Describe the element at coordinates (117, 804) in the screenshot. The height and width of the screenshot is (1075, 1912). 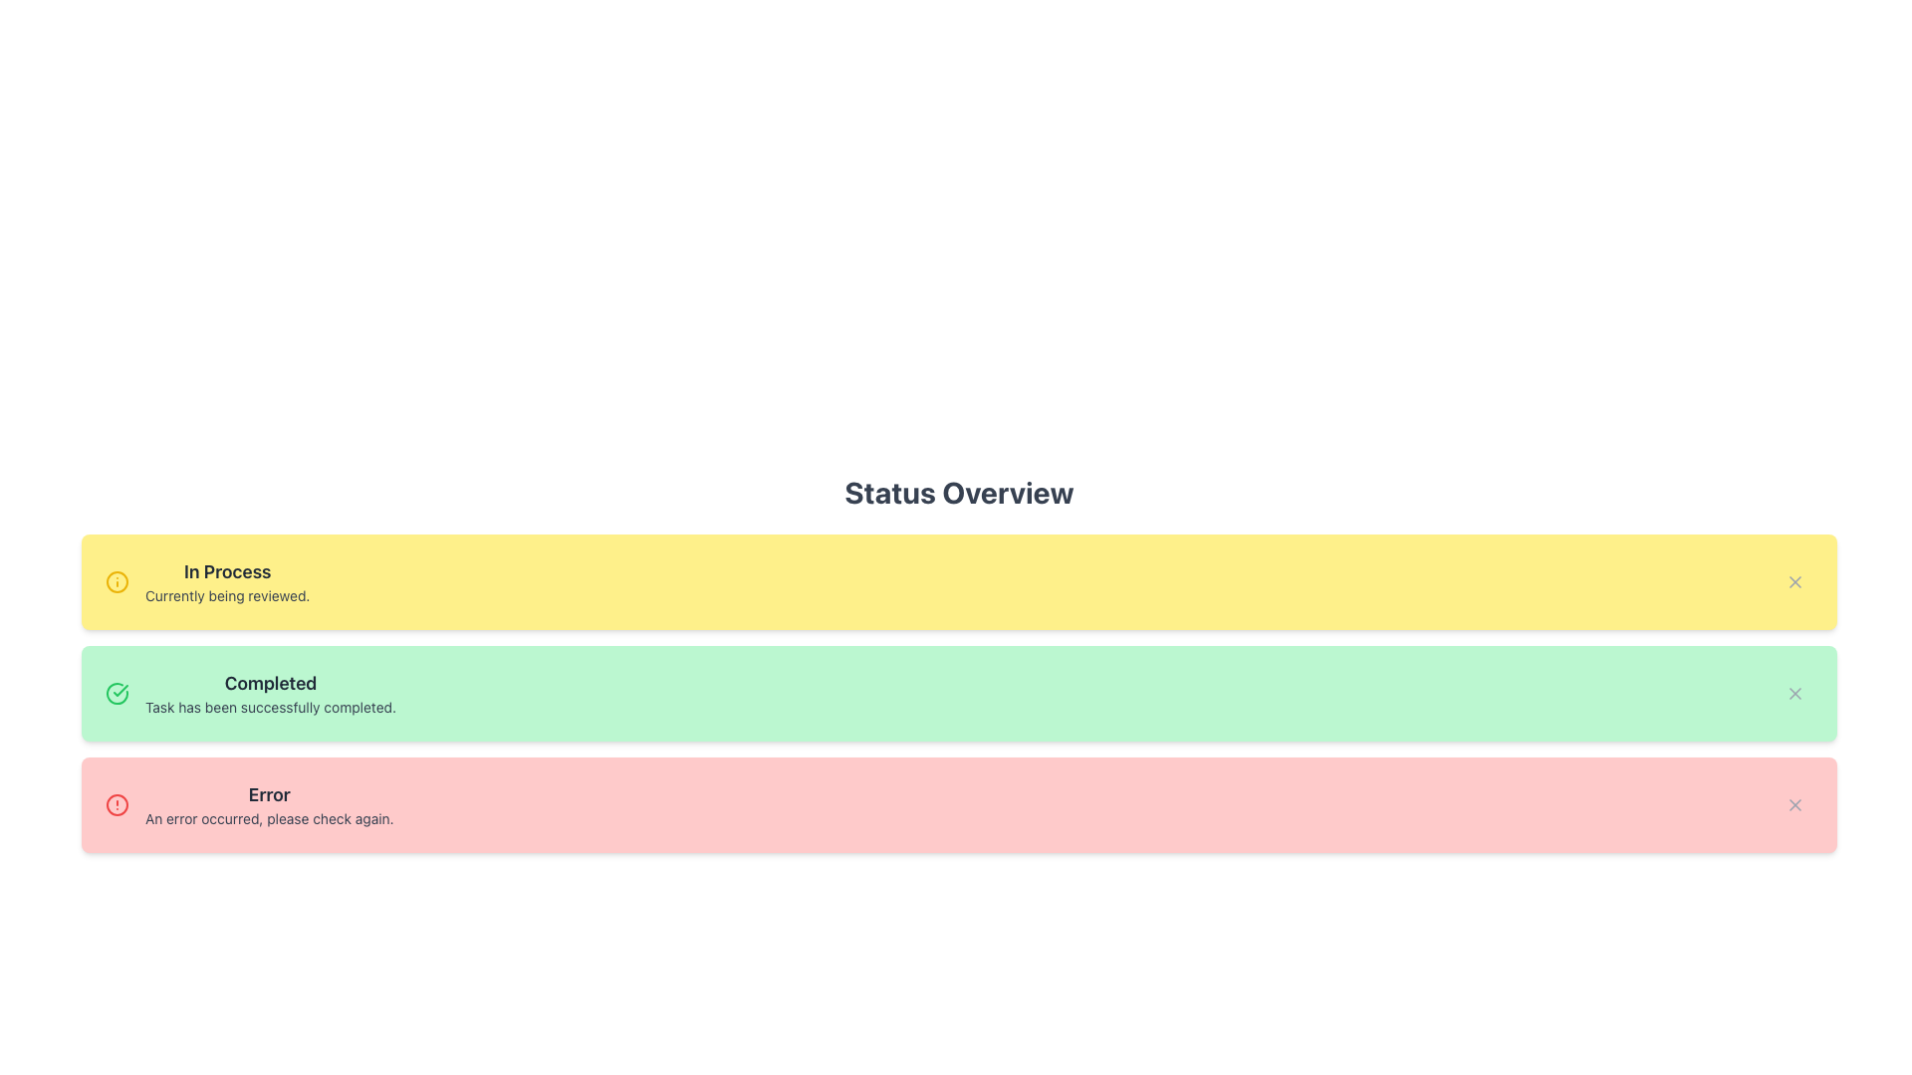
I see `the error or warning icon located at the top-left corner of the red-highlighted error message card, which precedes the text 'Error: An error occurred, please check again.'` at that location.